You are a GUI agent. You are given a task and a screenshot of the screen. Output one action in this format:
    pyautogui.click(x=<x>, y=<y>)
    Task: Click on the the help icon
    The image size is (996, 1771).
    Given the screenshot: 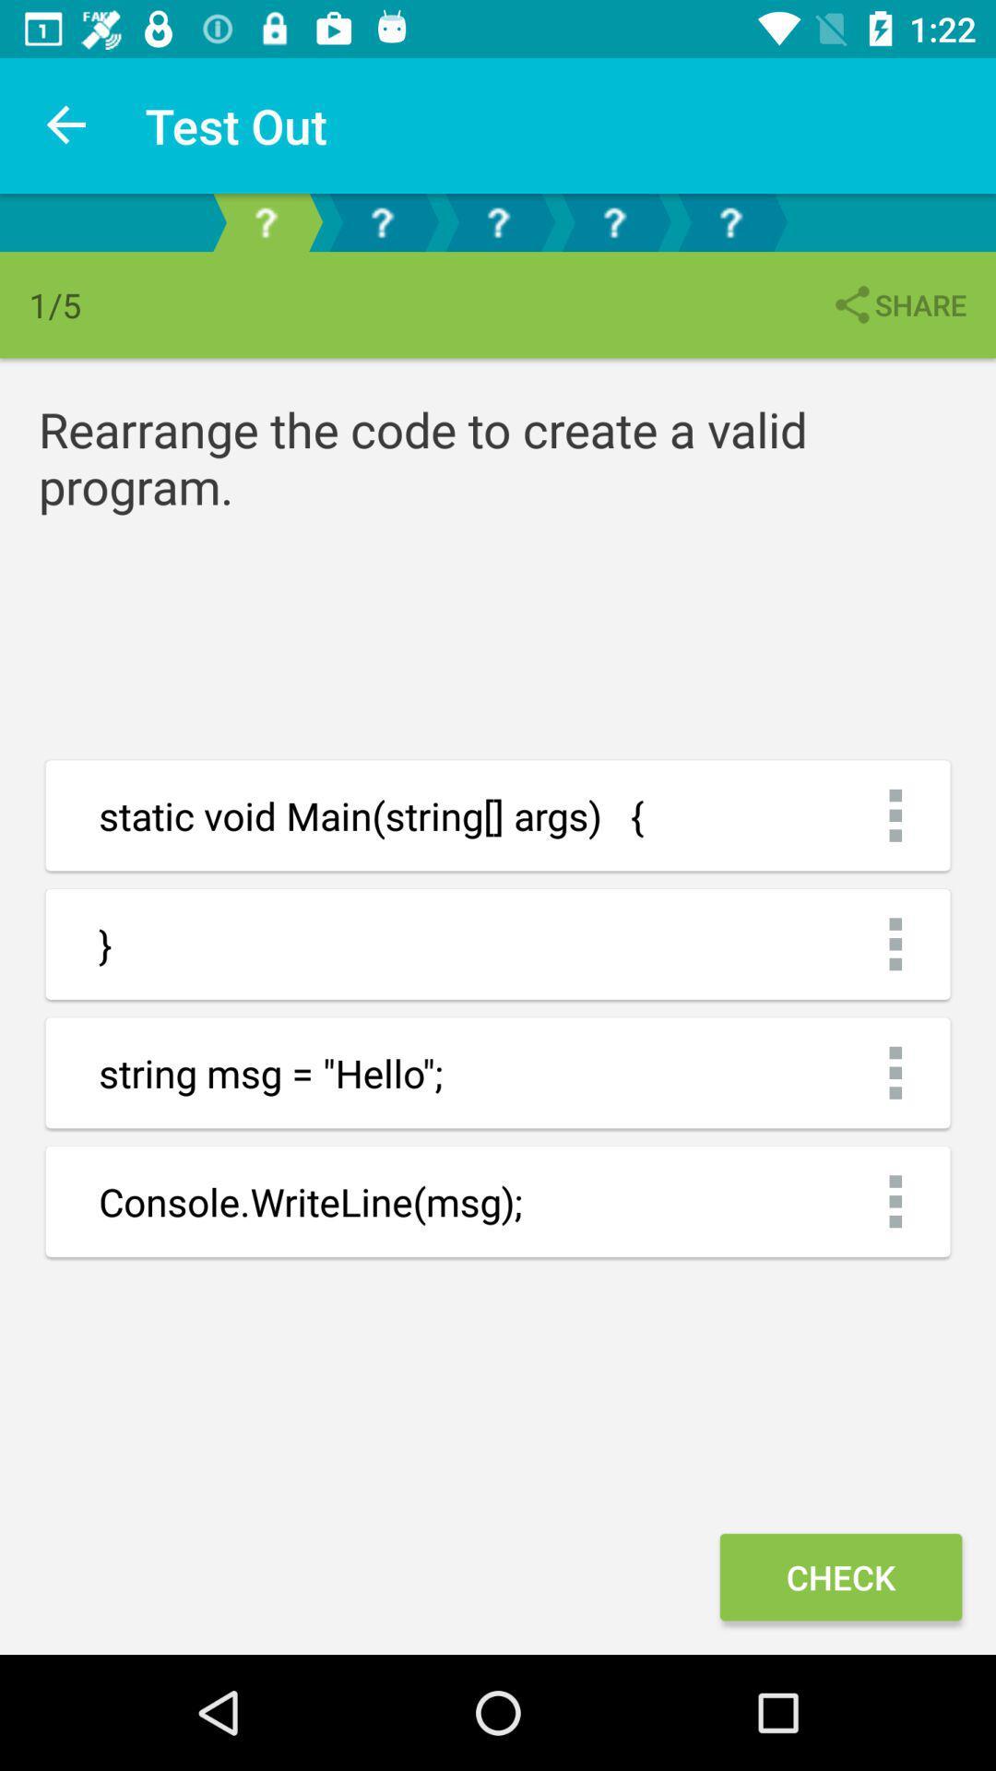 What is the action you would take?
    pyautogui.click(x=729, y=221)
    